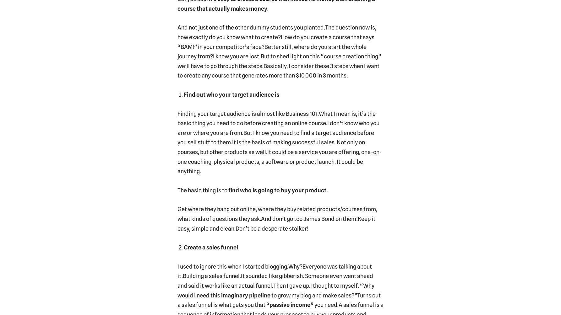 Image resolution: width=561 pixels, height=315 pixels. What do you see at coordinates (210, 247) in the screenshot?
I see `'Create a sales funnel'` at bounding box center [210, 247].